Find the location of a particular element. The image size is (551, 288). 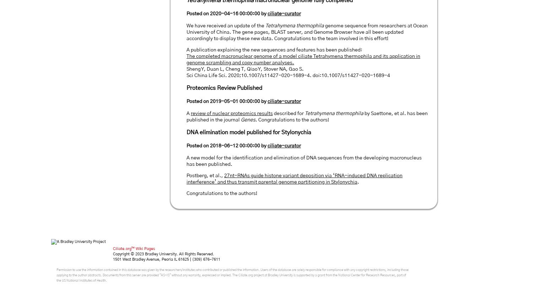

'We have received an update of the' is located at coordinates (187, 26).